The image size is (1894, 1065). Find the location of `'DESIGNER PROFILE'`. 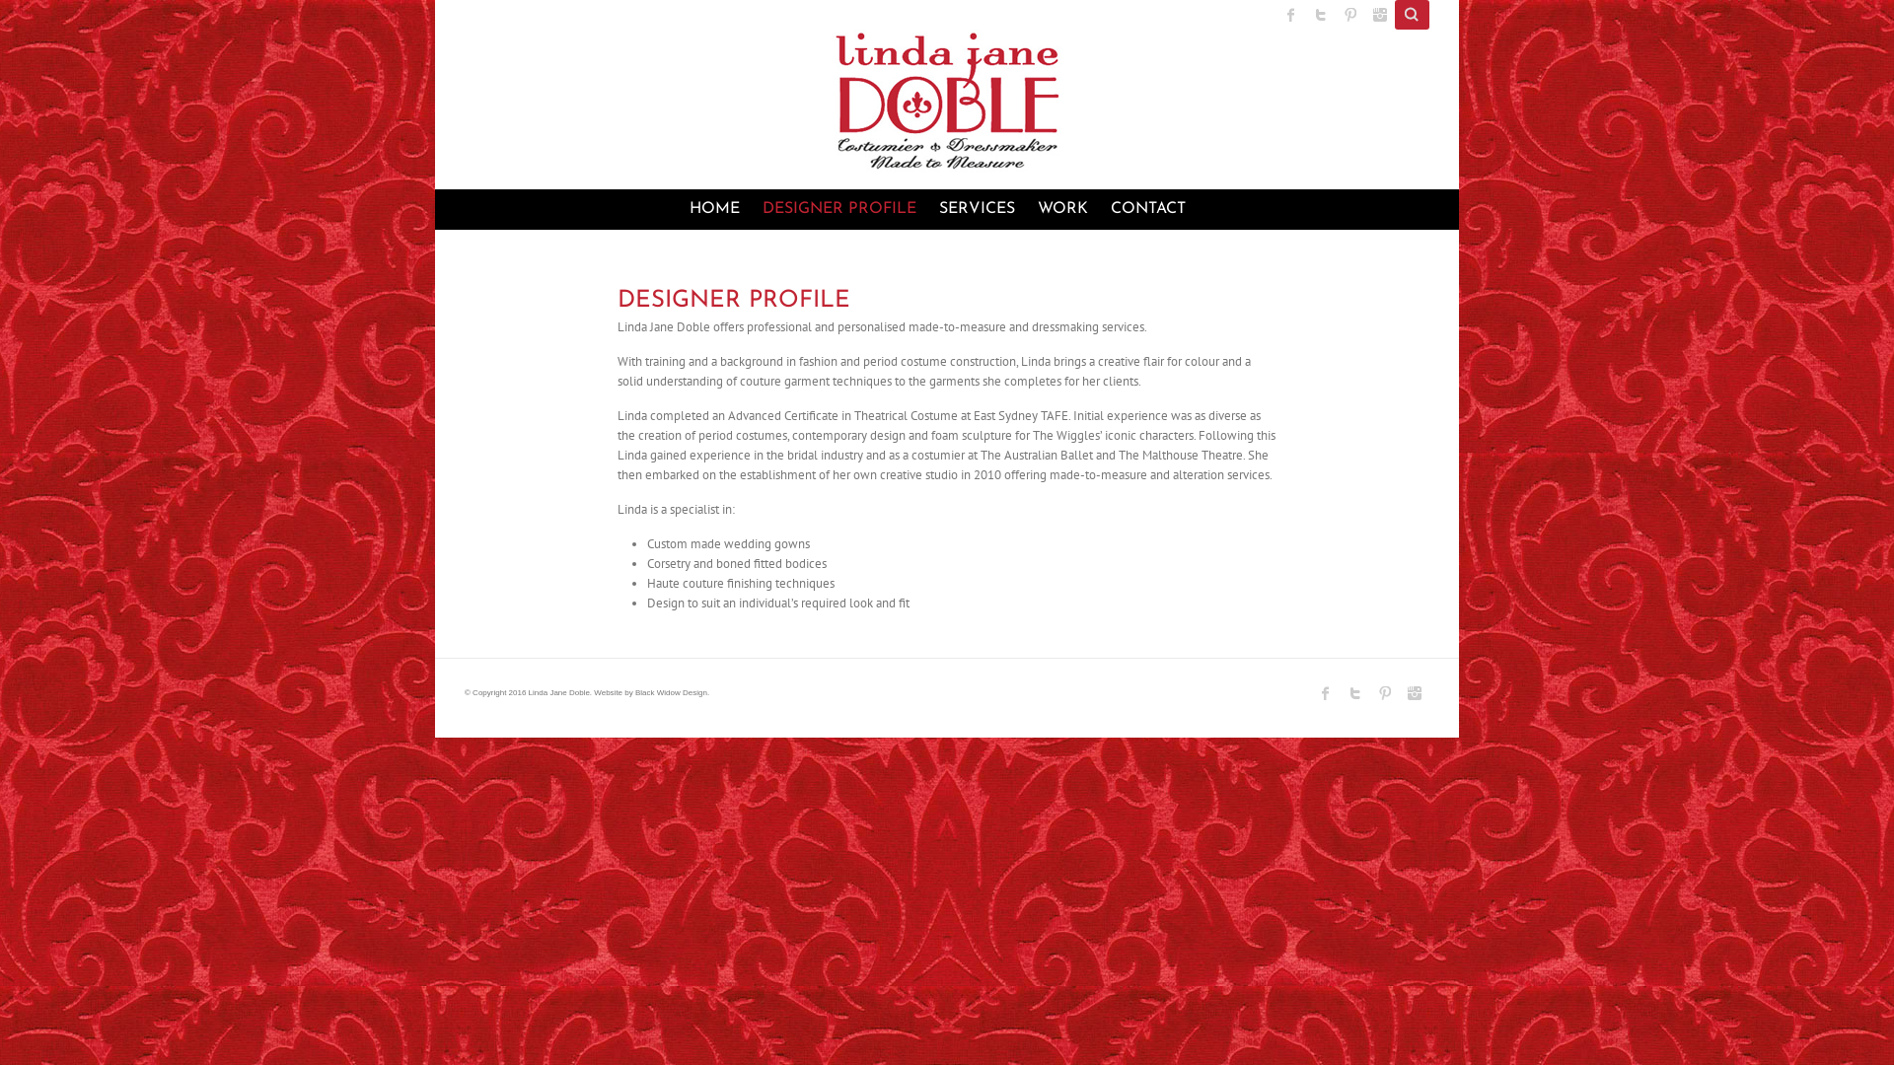

'DESIGNER PROFILE' is located at coordinates (838, 206).